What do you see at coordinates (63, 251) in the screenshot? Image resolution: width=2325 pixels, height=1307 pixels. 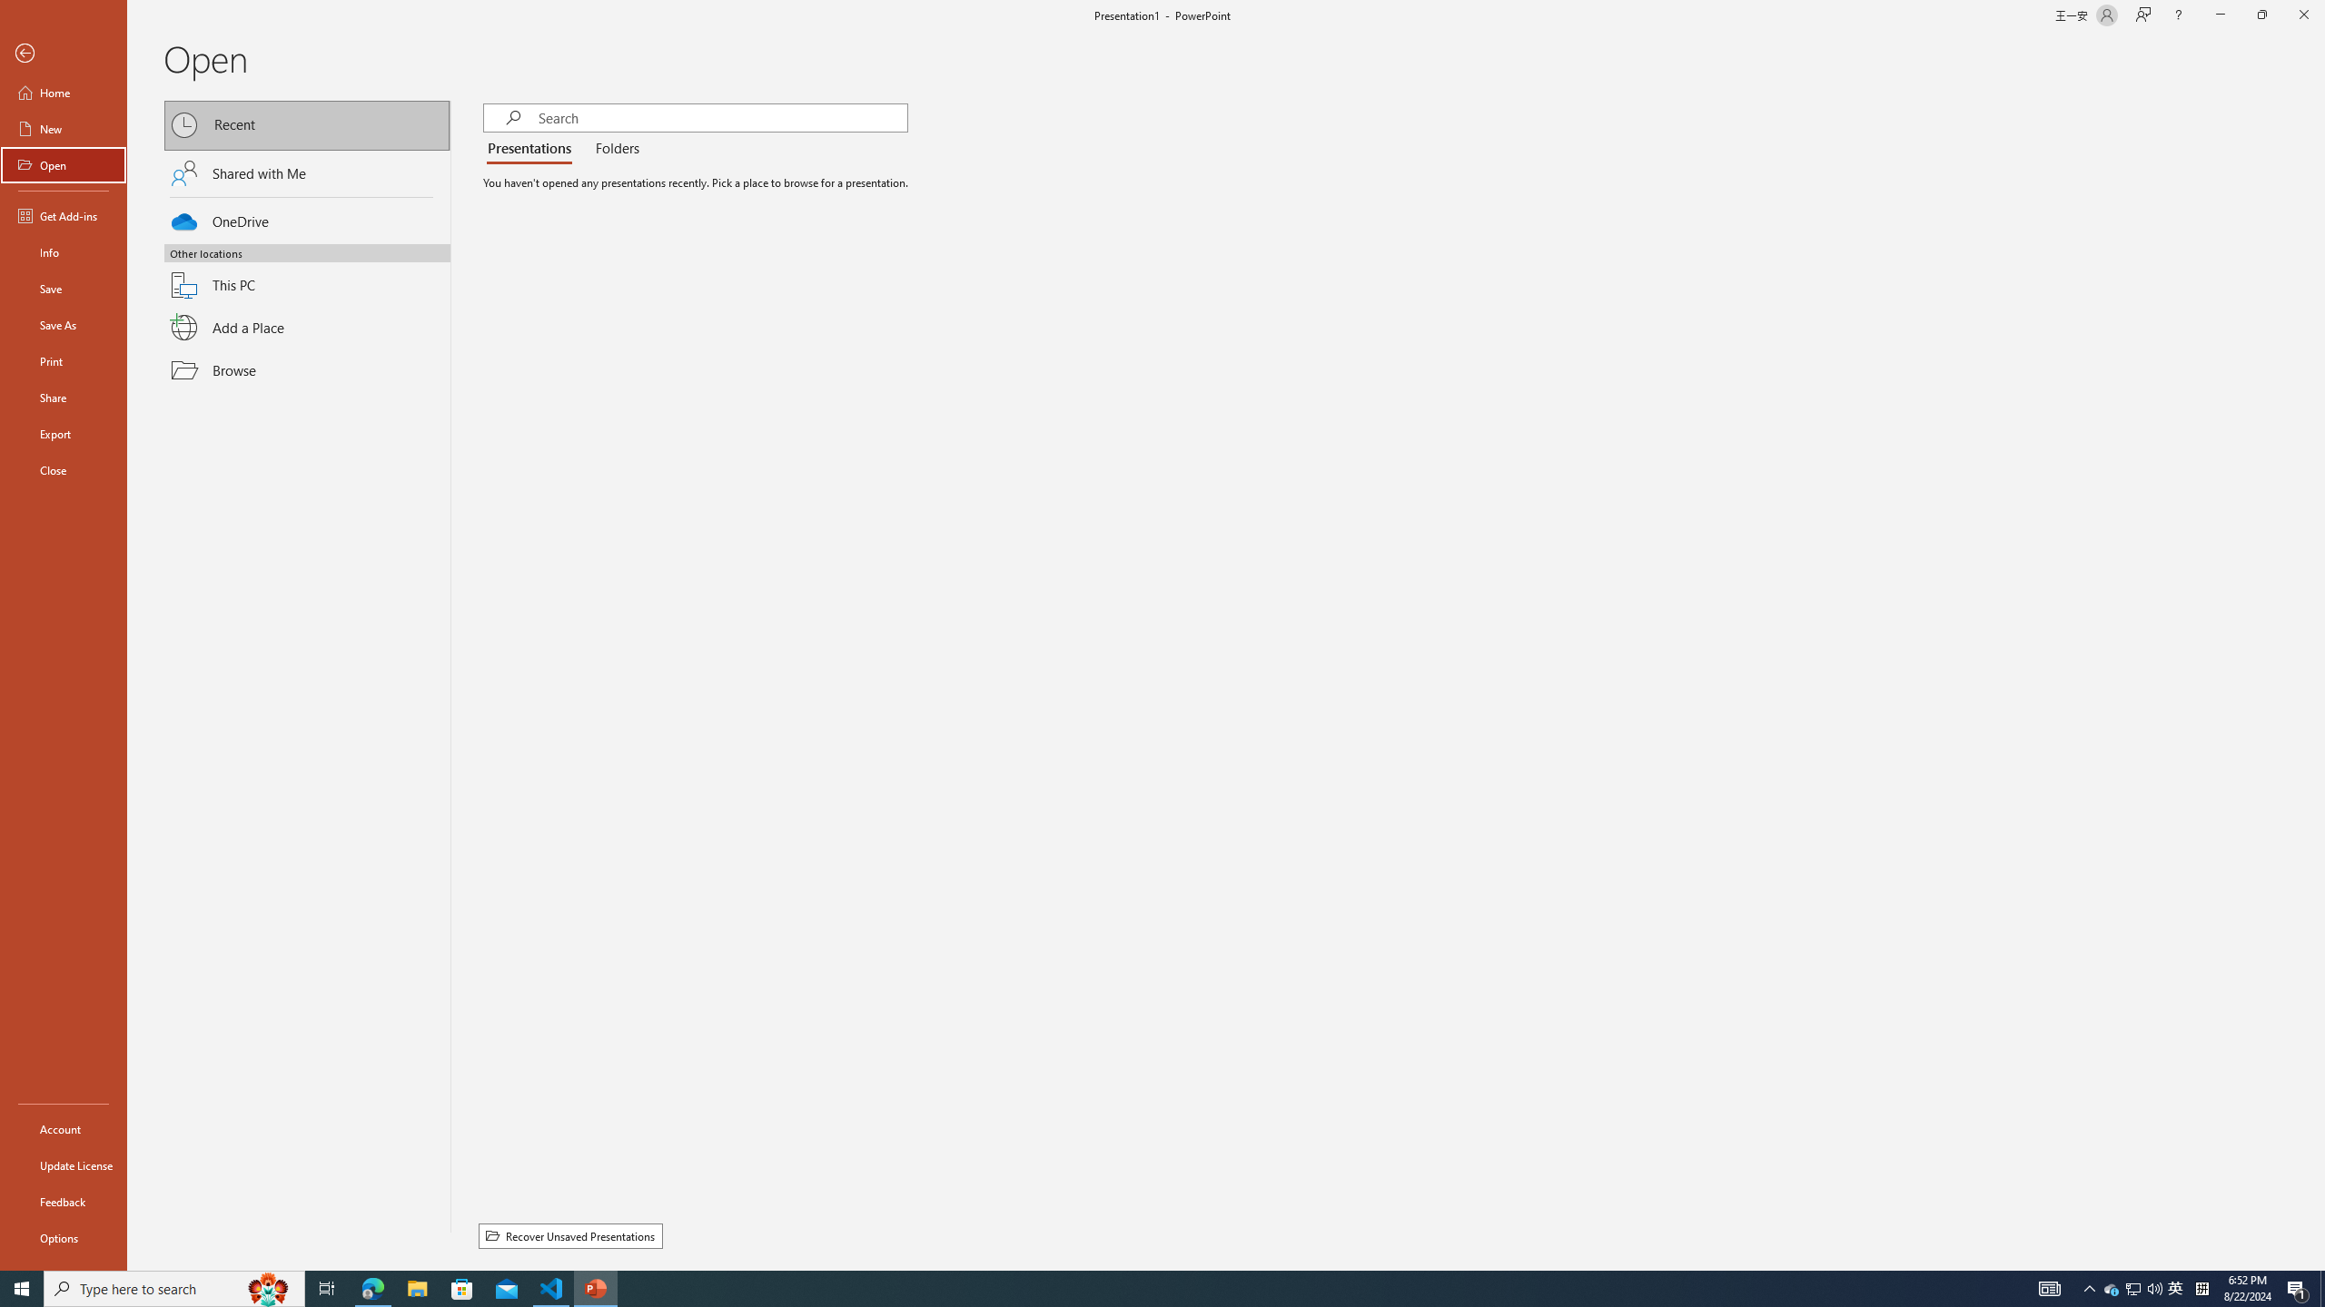 I see `'Info'` at bounding box center [63, 251].